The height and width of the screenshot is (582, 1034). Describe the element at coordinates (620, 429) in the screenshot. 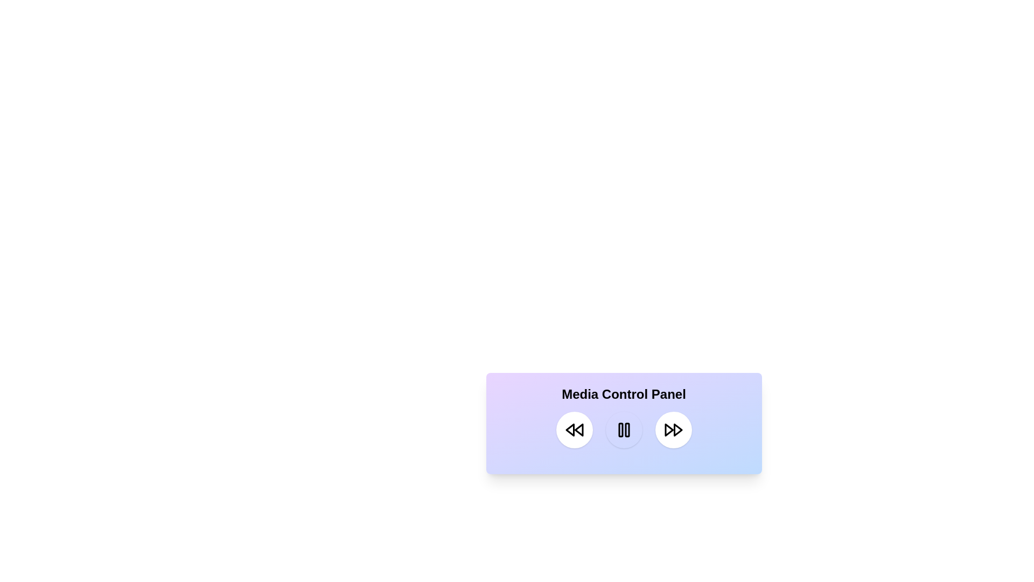

I see `the left vertical bar of the Pause icon in the media control panel` at that location.